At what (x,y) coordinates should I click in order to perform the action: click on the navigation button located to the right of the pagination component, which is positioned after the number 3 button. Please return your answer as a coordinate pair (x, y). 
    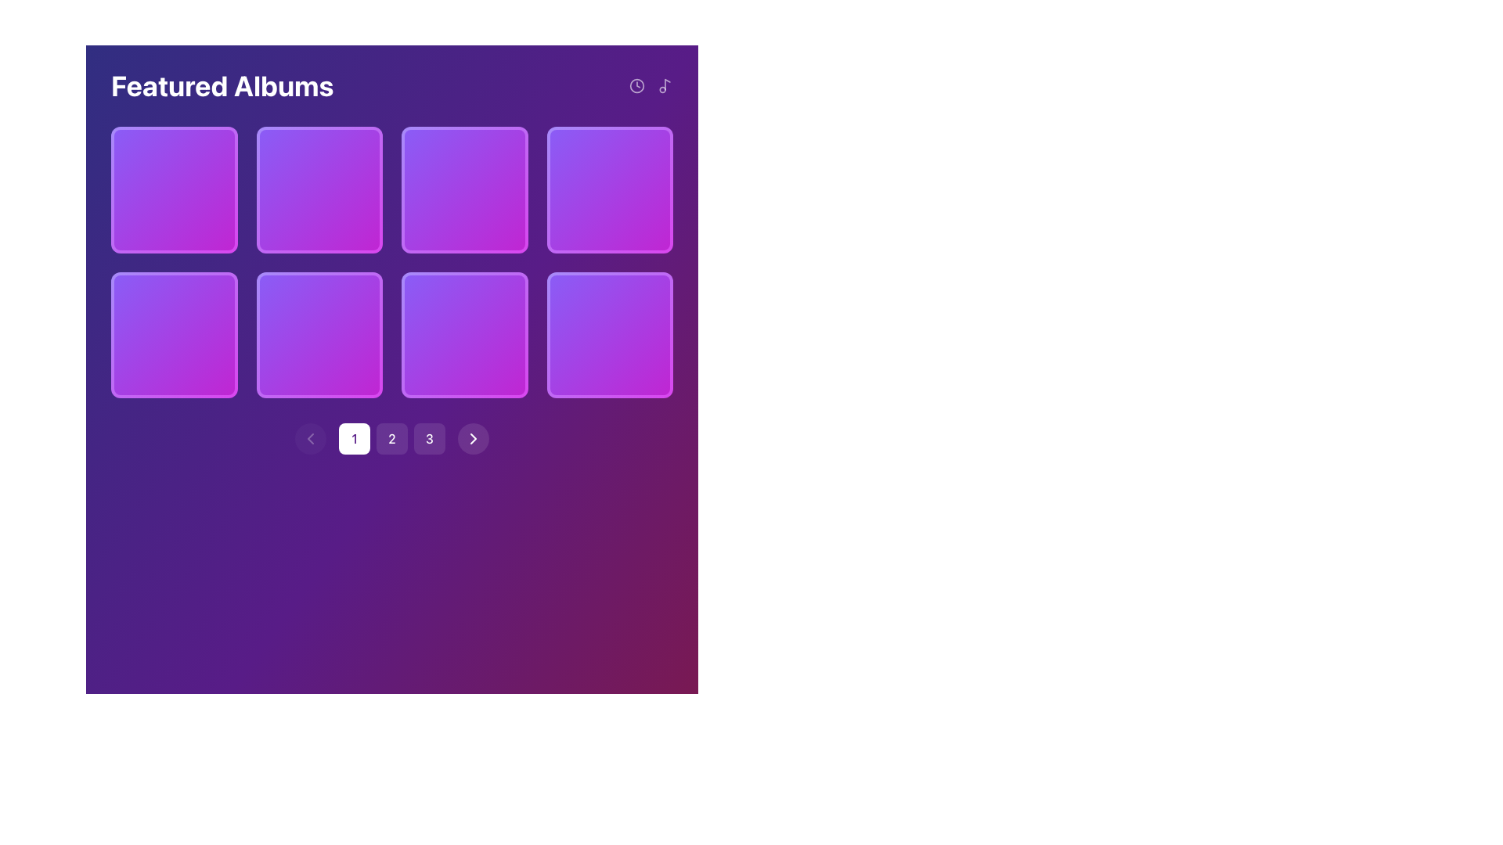
    Looking at the image, I should click on (472, 438).